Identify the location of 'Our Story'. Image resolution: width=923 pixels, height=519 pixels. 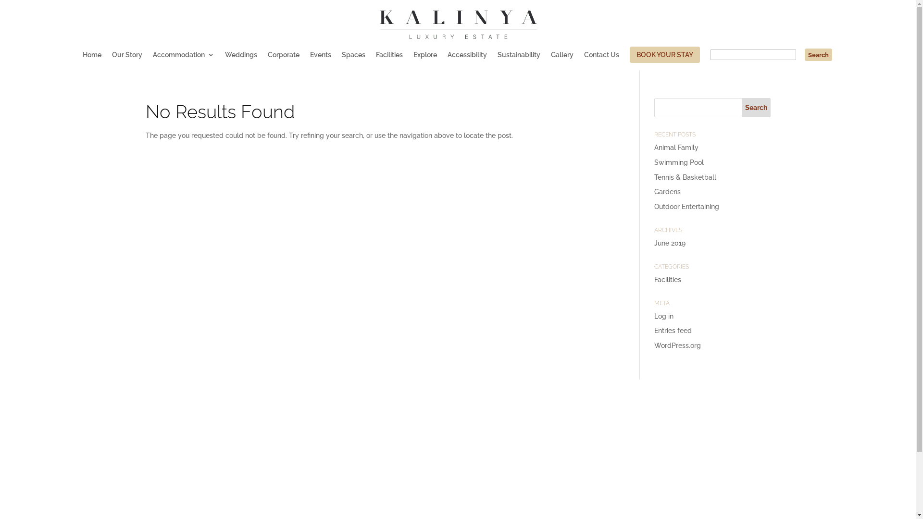
(126, 59).